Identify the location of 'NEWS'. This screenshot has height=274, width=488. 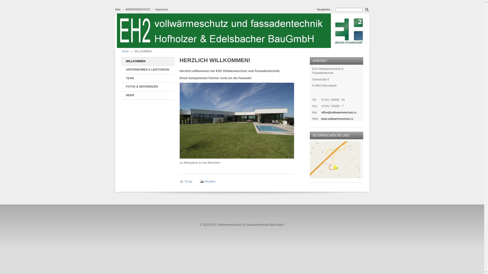
(147, 95).